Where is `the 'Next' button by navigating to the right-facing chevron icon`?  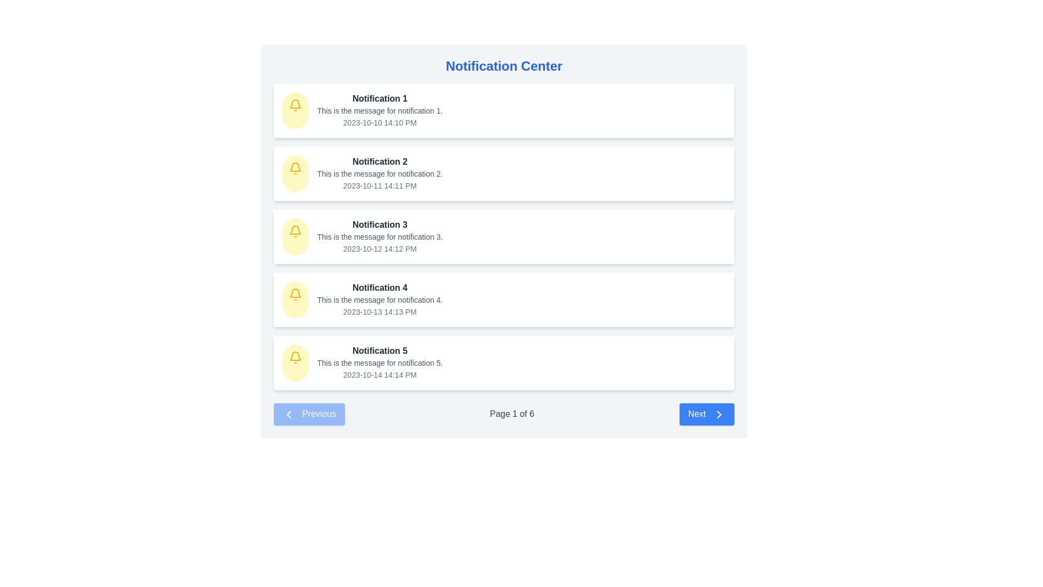 the 'Next' button by navigating to the right-facing chevron icon is located at coordinates (719, 414).